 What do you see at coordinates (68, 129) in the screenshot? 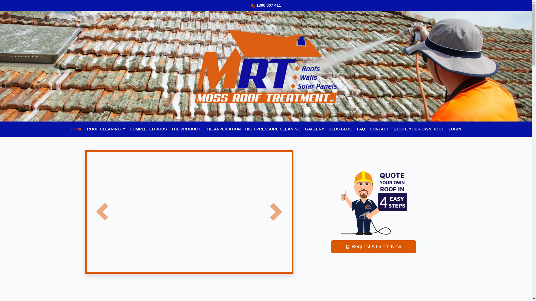
I see `'HOME'` at bounding box center [68, 129].